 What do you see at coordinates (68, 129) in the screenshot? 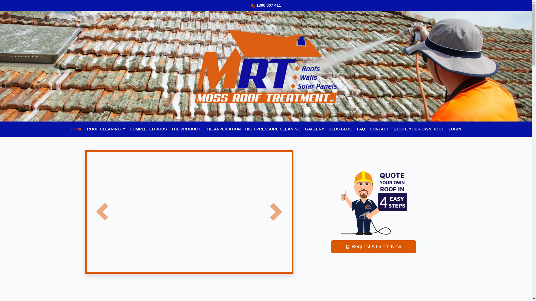
I see `'HOME'` at bounding box center [68, 129].